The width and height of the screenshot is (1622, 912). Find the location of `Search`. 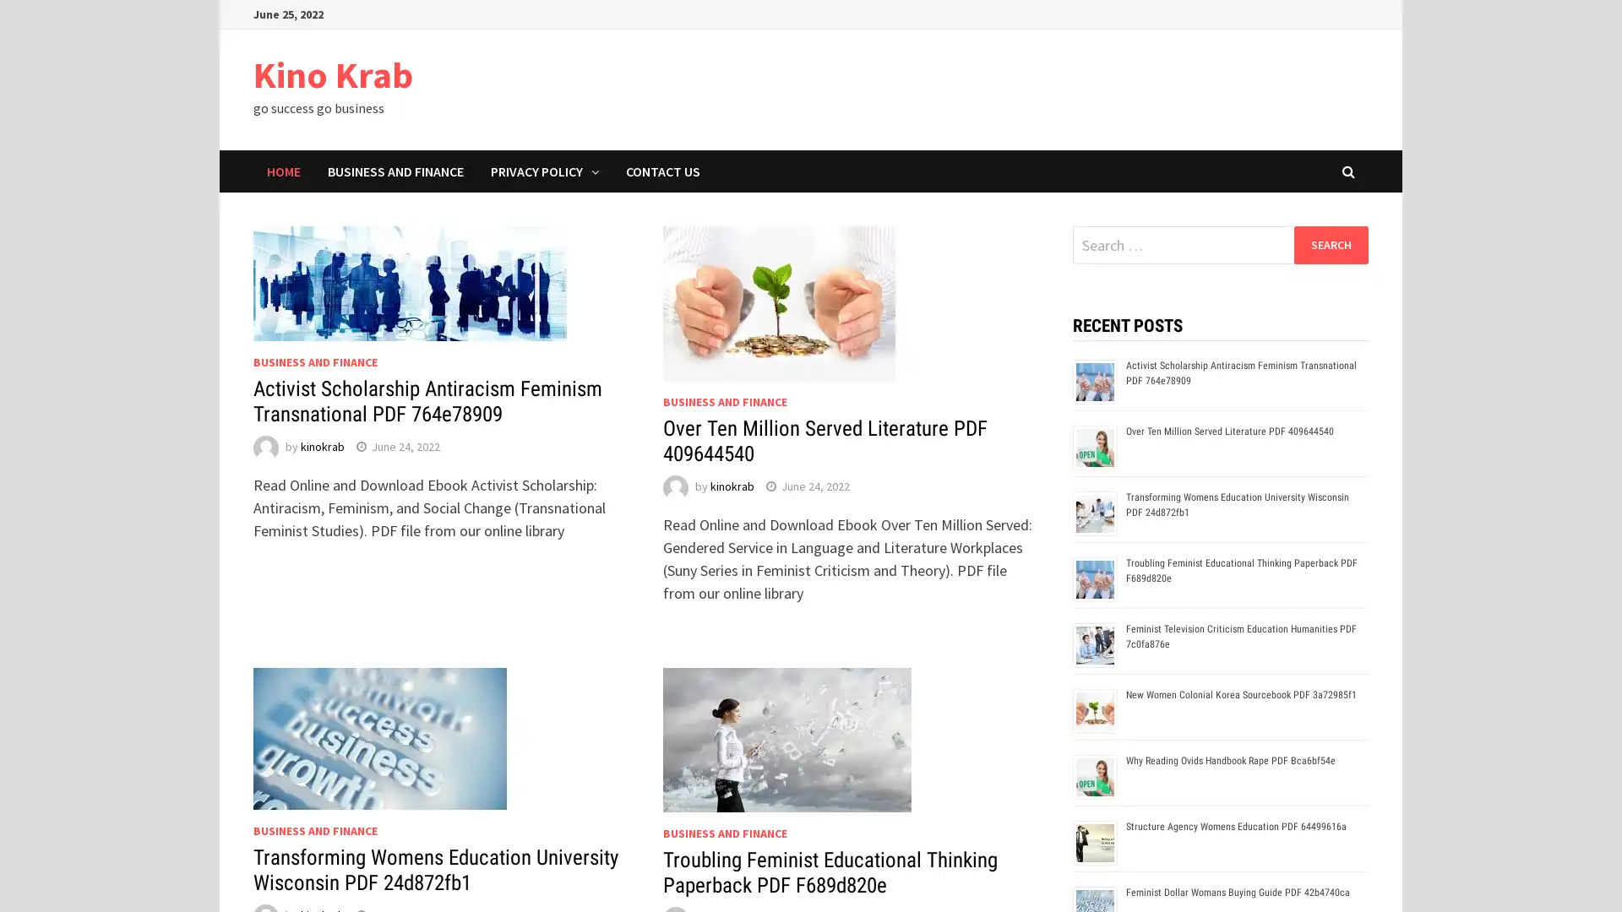

Search is located at coordinates (1330, 244).